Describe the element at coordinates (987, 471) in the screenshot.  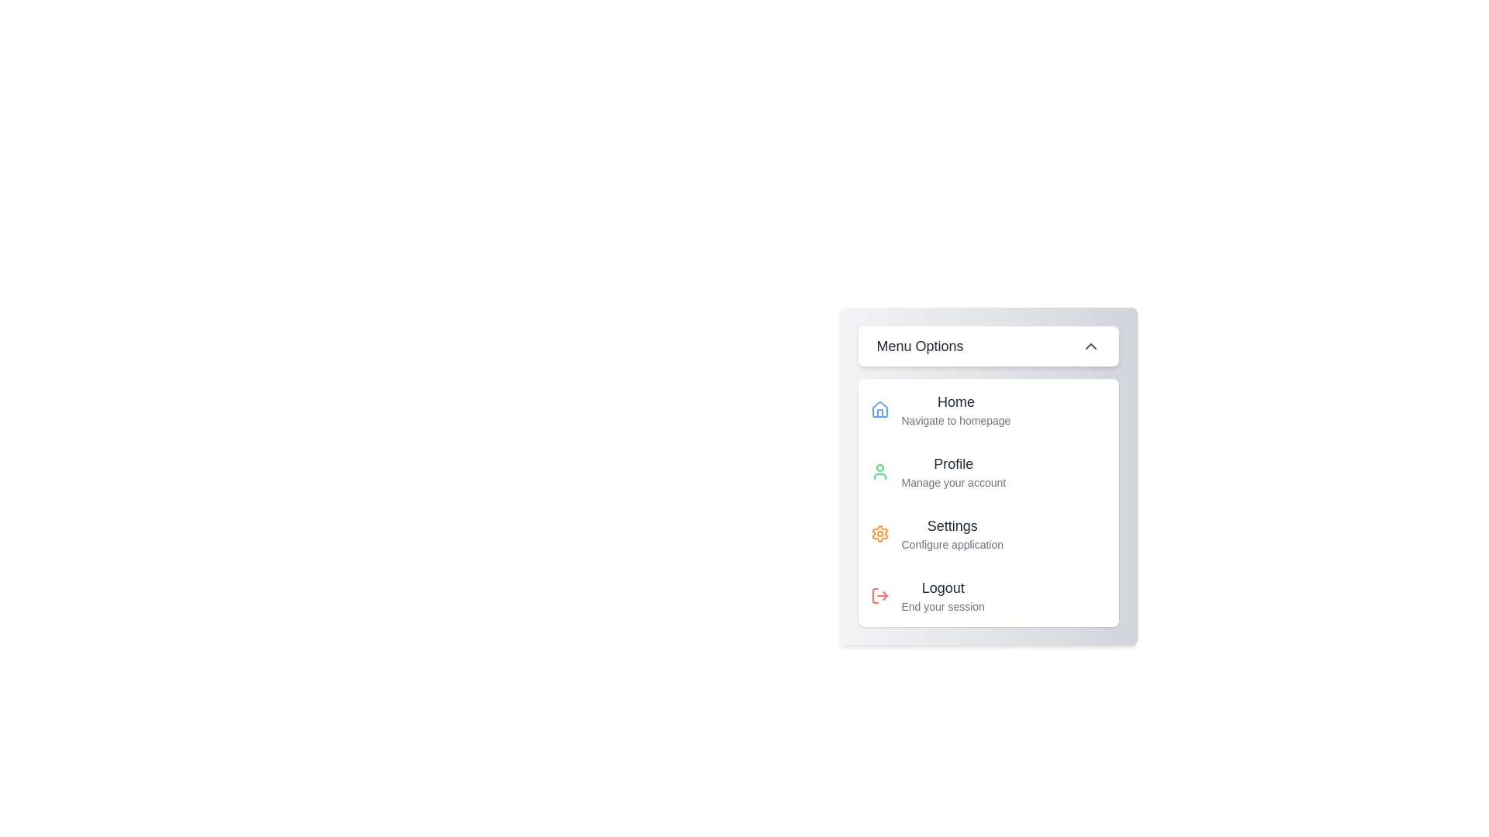
I see `the 'Profile' menu item, which is the second item in the vertical list of menu options` at that location.